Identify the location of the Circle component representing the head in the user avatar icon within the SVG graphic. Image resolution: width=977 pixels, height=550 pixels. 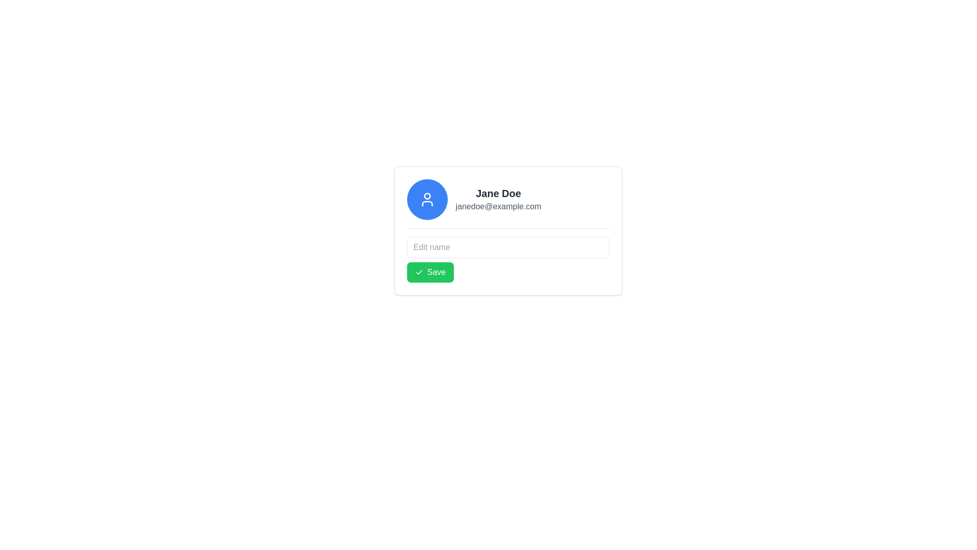
(427, 196).